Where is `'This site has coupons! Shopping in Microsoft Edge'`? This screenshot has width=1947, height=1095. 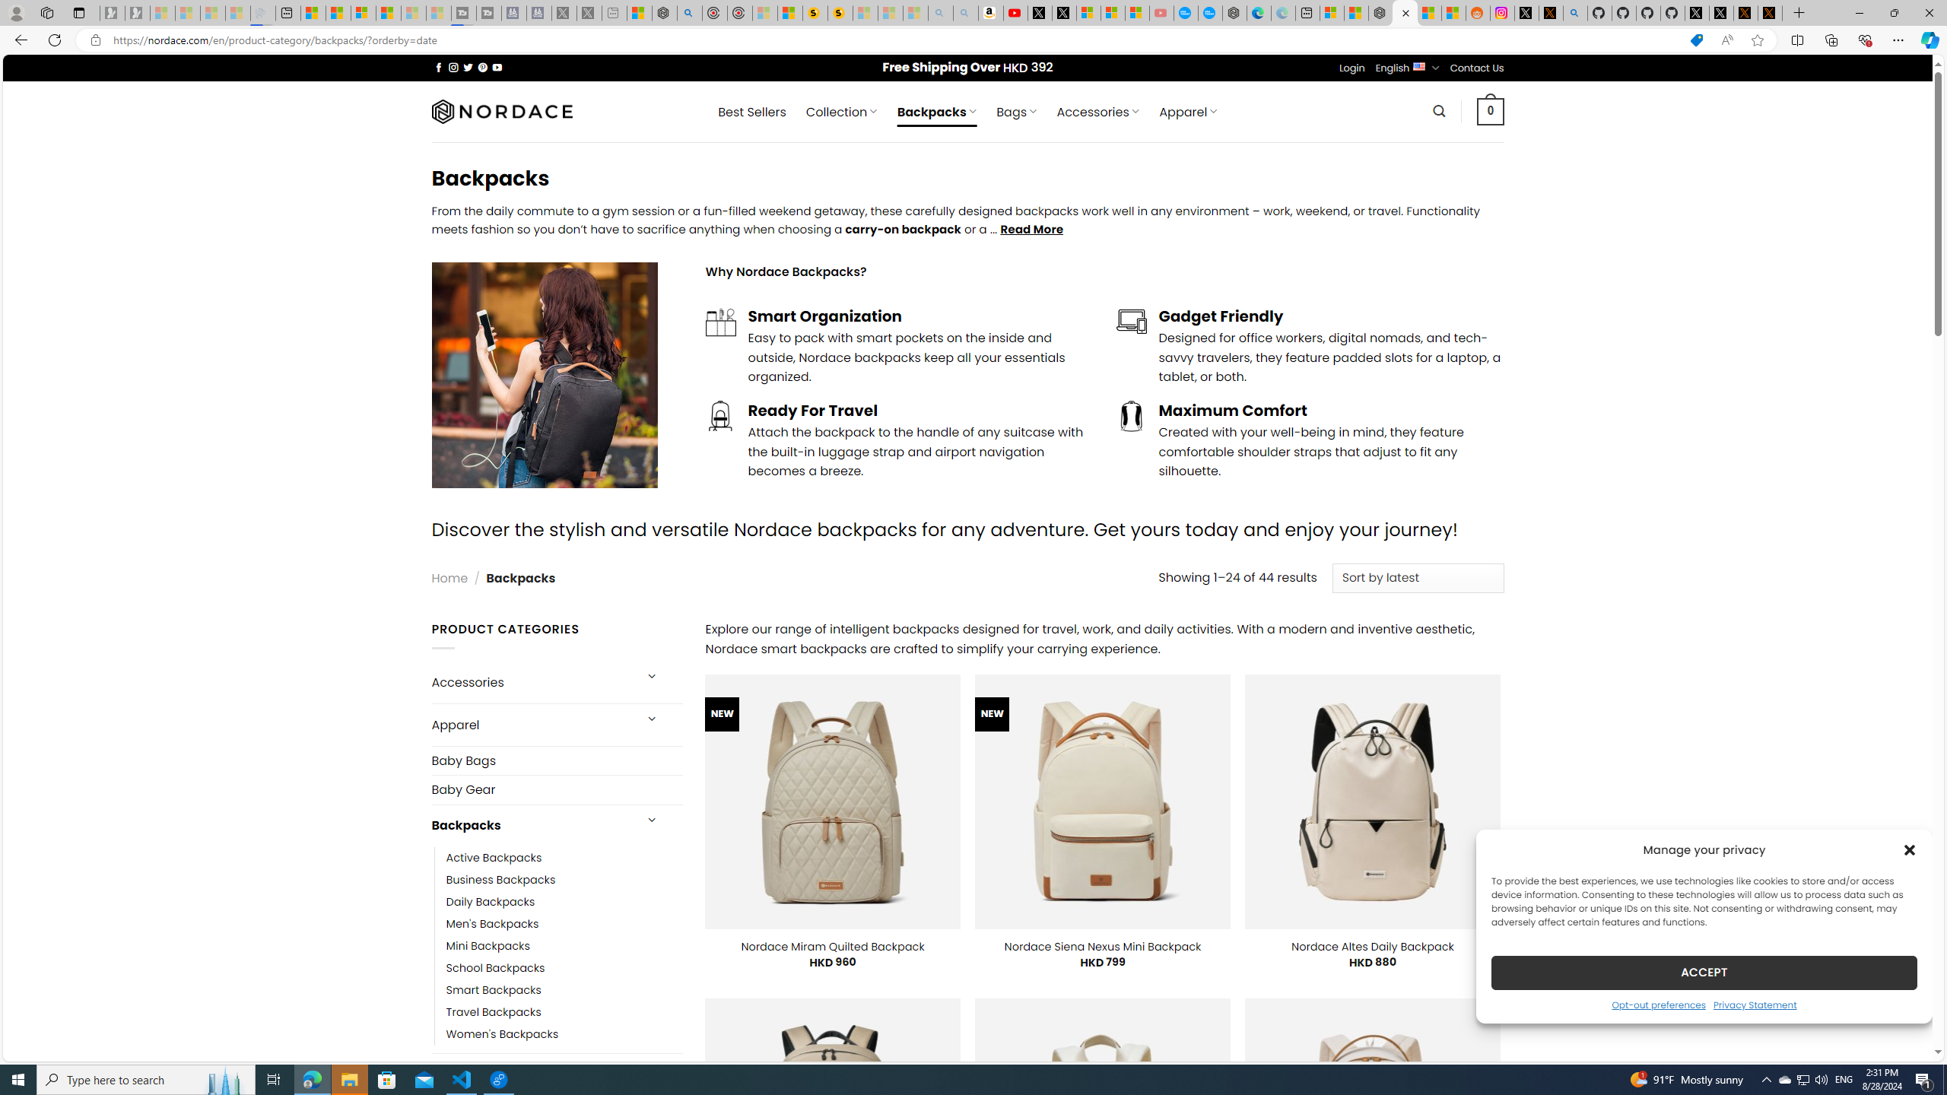 'This site has coupons! Shopping in Microsoft Edge' is located at coordinates (1696, 40).